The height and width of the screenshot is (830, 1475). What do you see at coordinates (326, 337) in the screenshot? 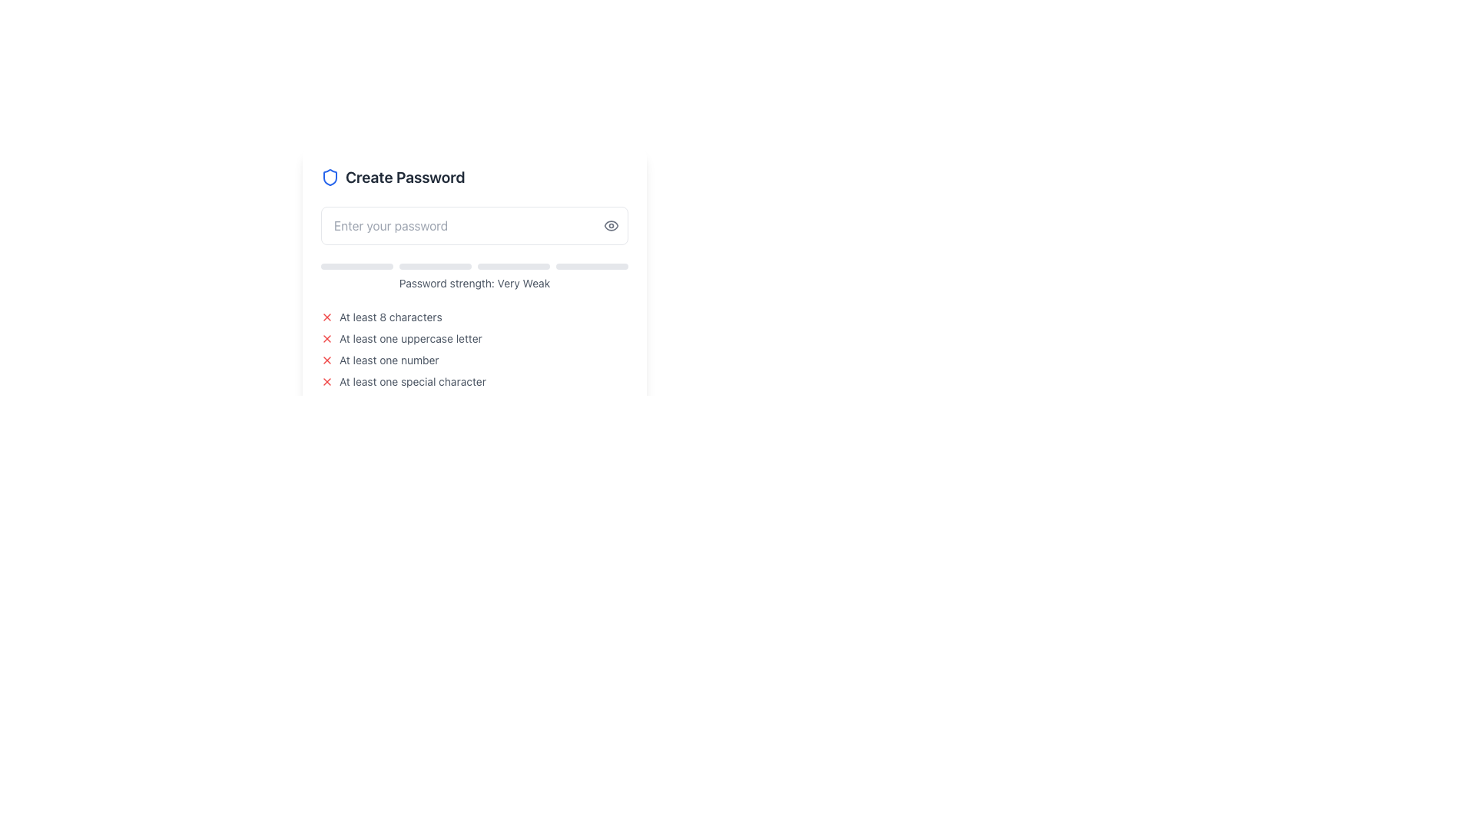
I see `the red 'X' icon indicating an unmet condition or error, which is positioned to the left of the description text 'At least one uppercase letter'` at bounding box center [326, 337].